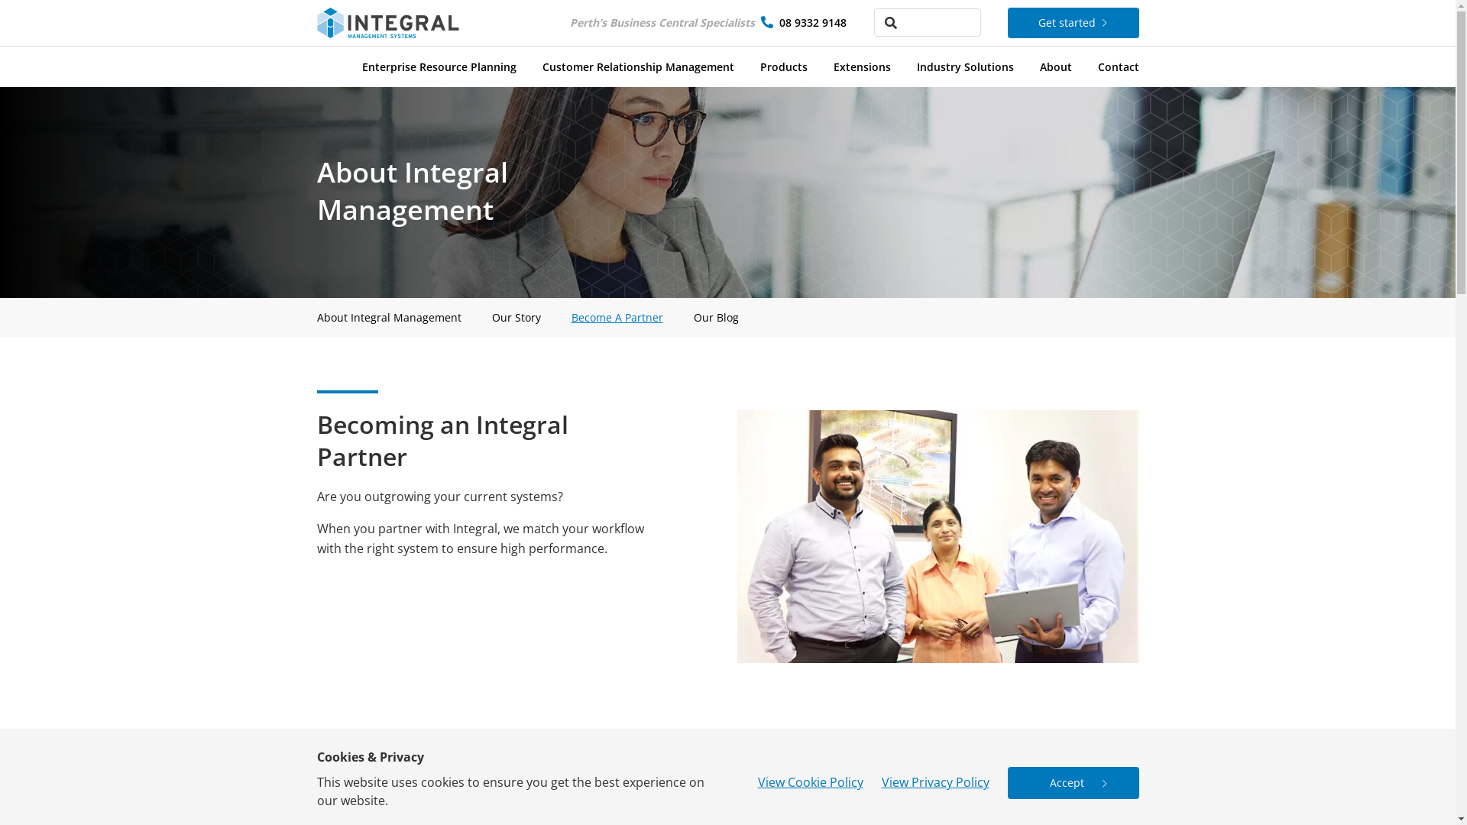 The width and height of the screenshot is (1467, 825). I want to click on 'Contact', so click(1118, 63).